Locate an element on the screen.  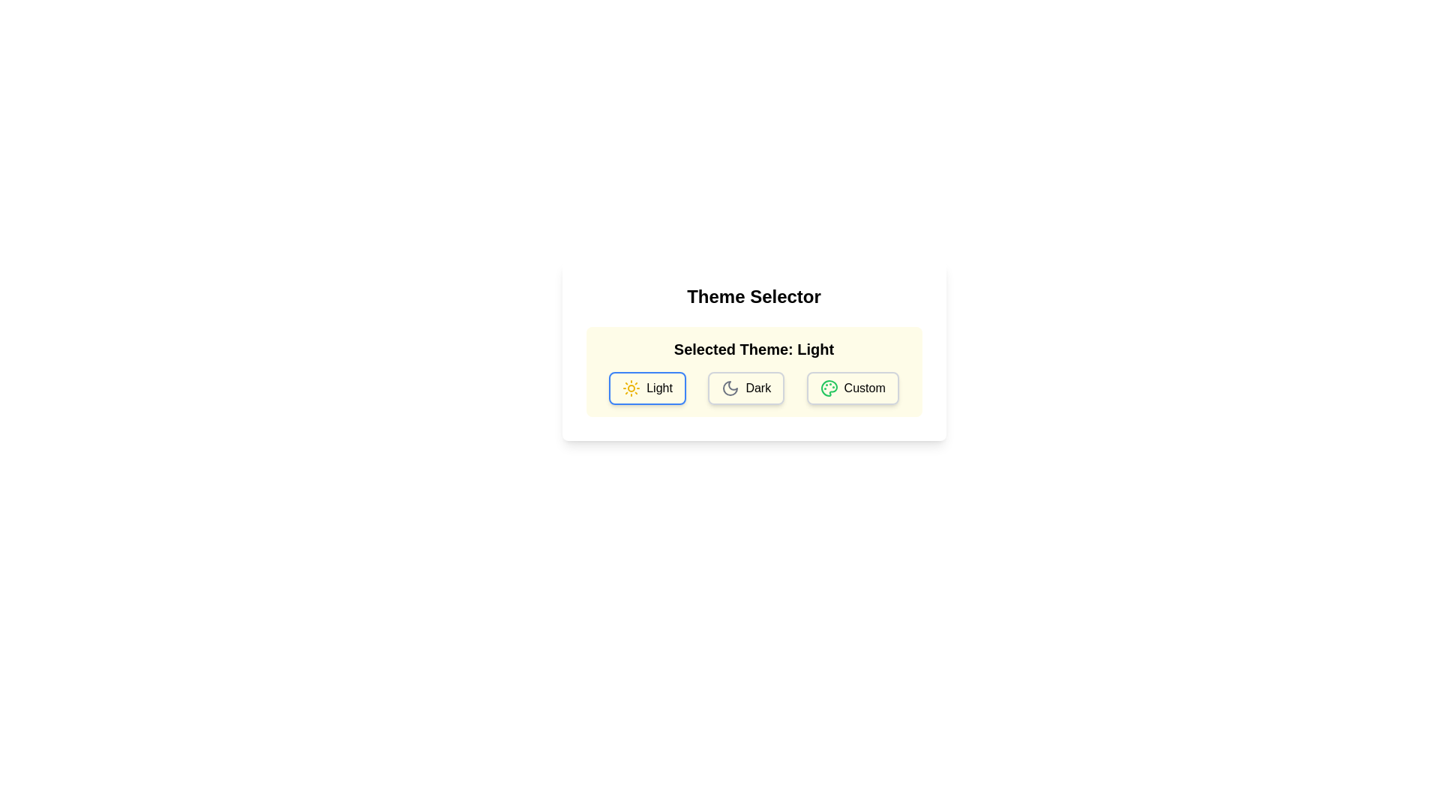
the crescent moon icon, which is located on the left side of the 'Dark' button in the theme options section is located at coordinates (730, 387).